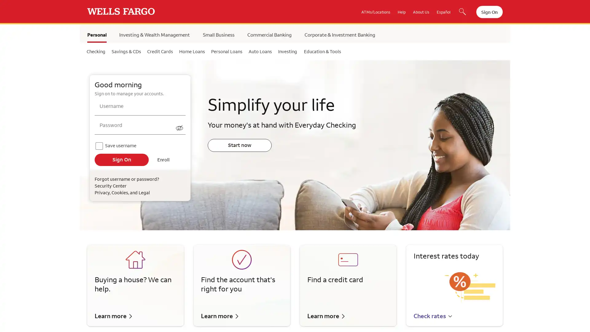 Image resolution: width=590 pixels, height=332 pixels. What do you see at coordinates (239, 145) in the screenshot?
I see `Start now with everyday checking` at bounding box center [239, 145].